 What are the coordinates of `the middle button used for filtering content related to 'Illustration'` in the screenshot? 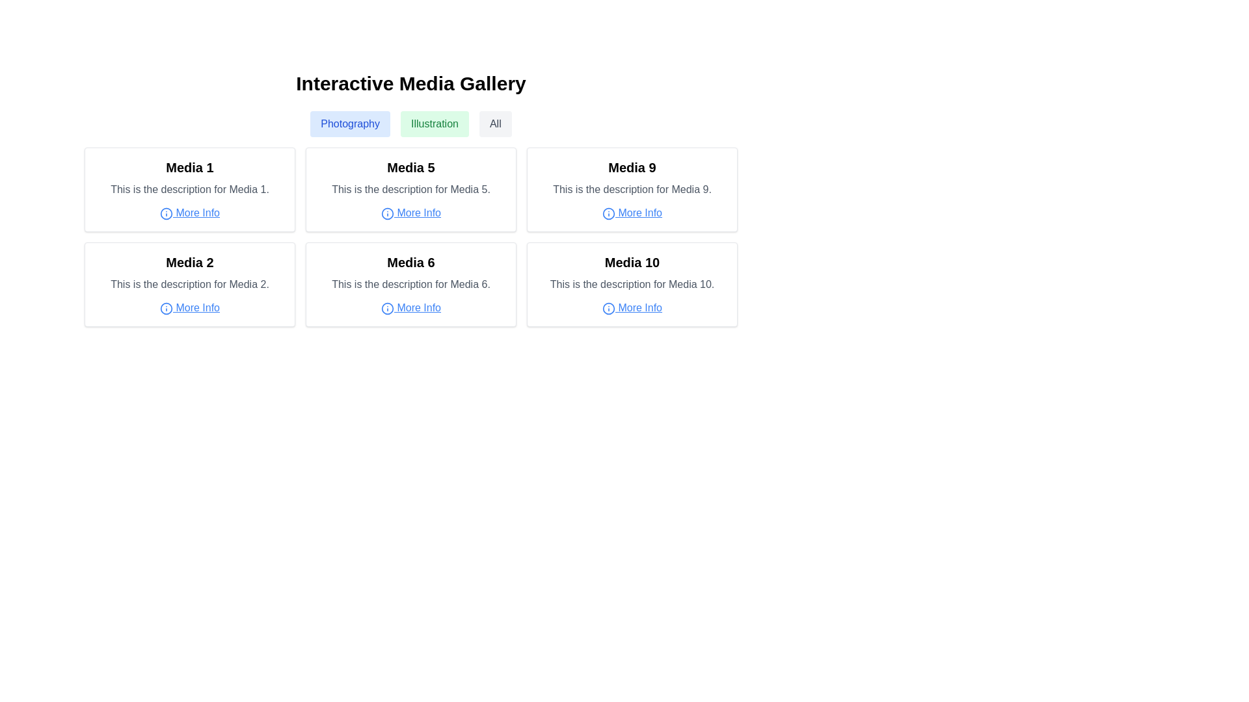 It's located at (435, 124).